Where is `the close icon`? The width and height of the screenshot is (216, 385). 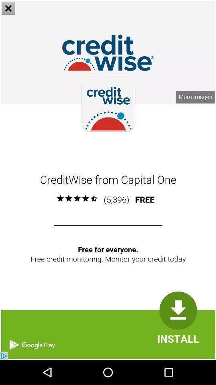 the close icon is located at coordinates (8, 8).